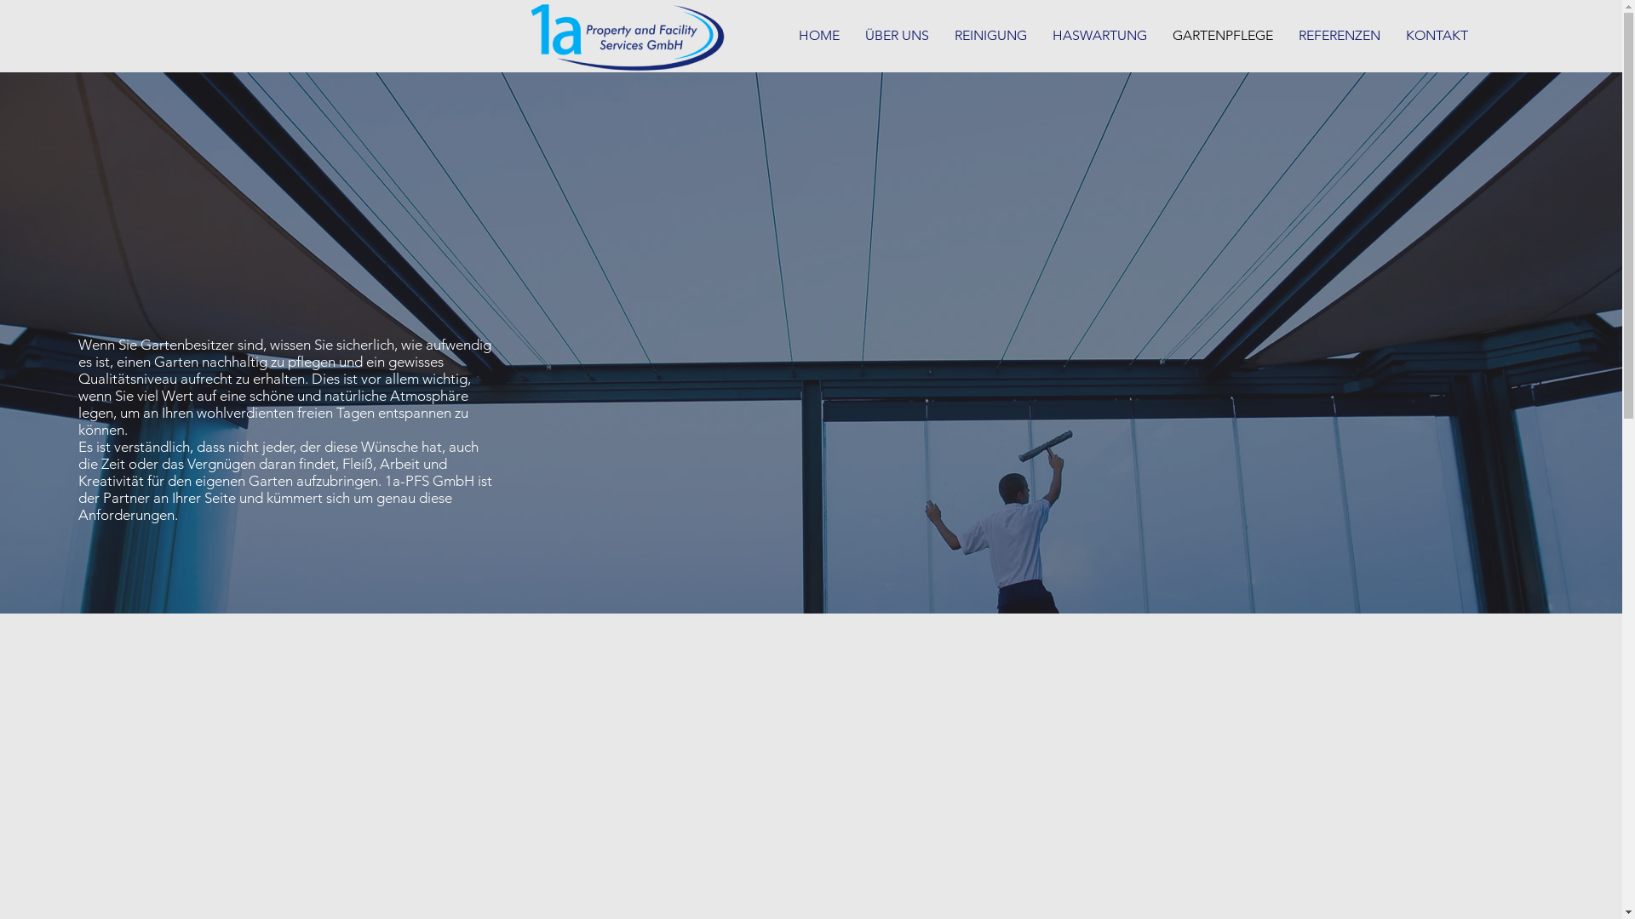  Describe the element at coordinates (990, 36) in the screenshot. I see `'REINIGUNG'` at that location.